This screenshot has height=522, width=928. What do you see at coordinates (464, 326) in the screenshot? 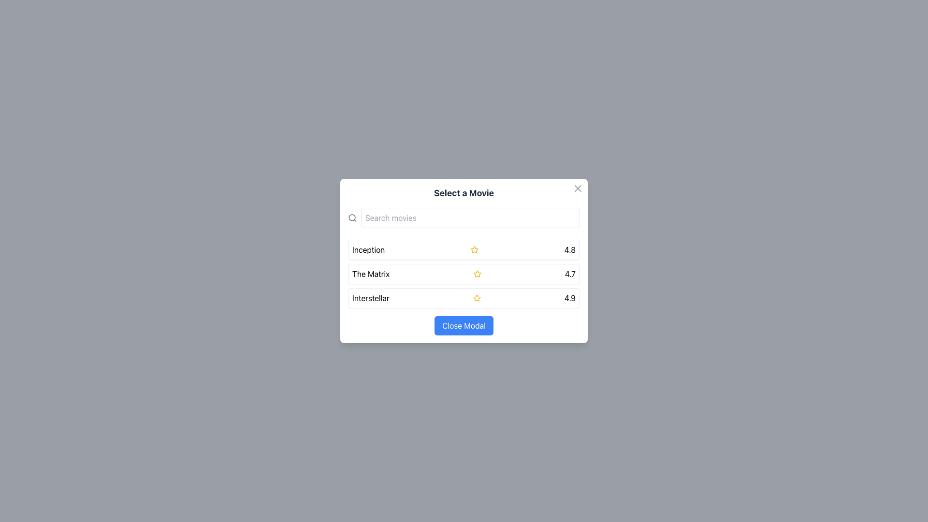
I see `the close button at the bottom of the 'Select a Movie' modal dialog to change its background color` at bounding box center [464, 326].